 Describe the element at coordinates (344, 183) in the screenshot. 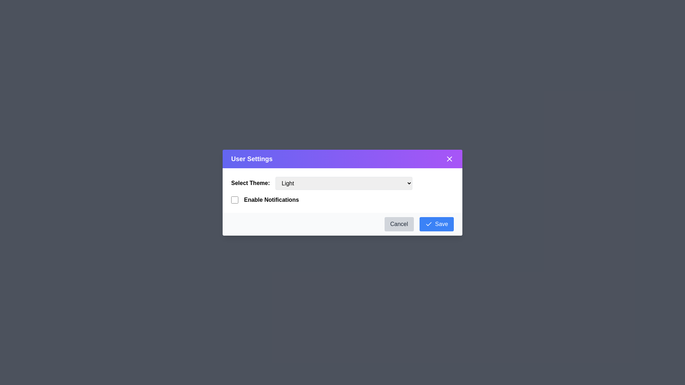

I see `the theme RGB from the dropdown menu` at that location.